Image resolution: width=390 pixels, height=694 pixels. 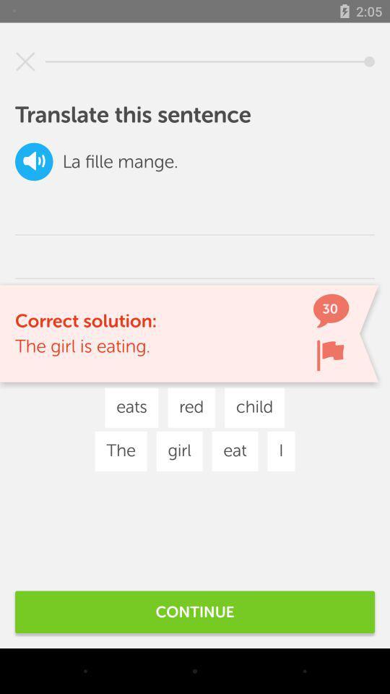 What do you see at coordinates (25, 61) in the screenshot?
I see `click close option` at bounding box center [25, 61].